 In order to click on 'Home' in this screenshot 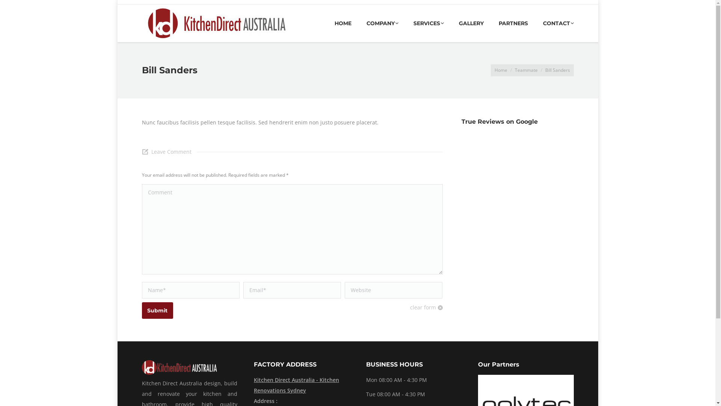, I will do `click(501, 70)`.